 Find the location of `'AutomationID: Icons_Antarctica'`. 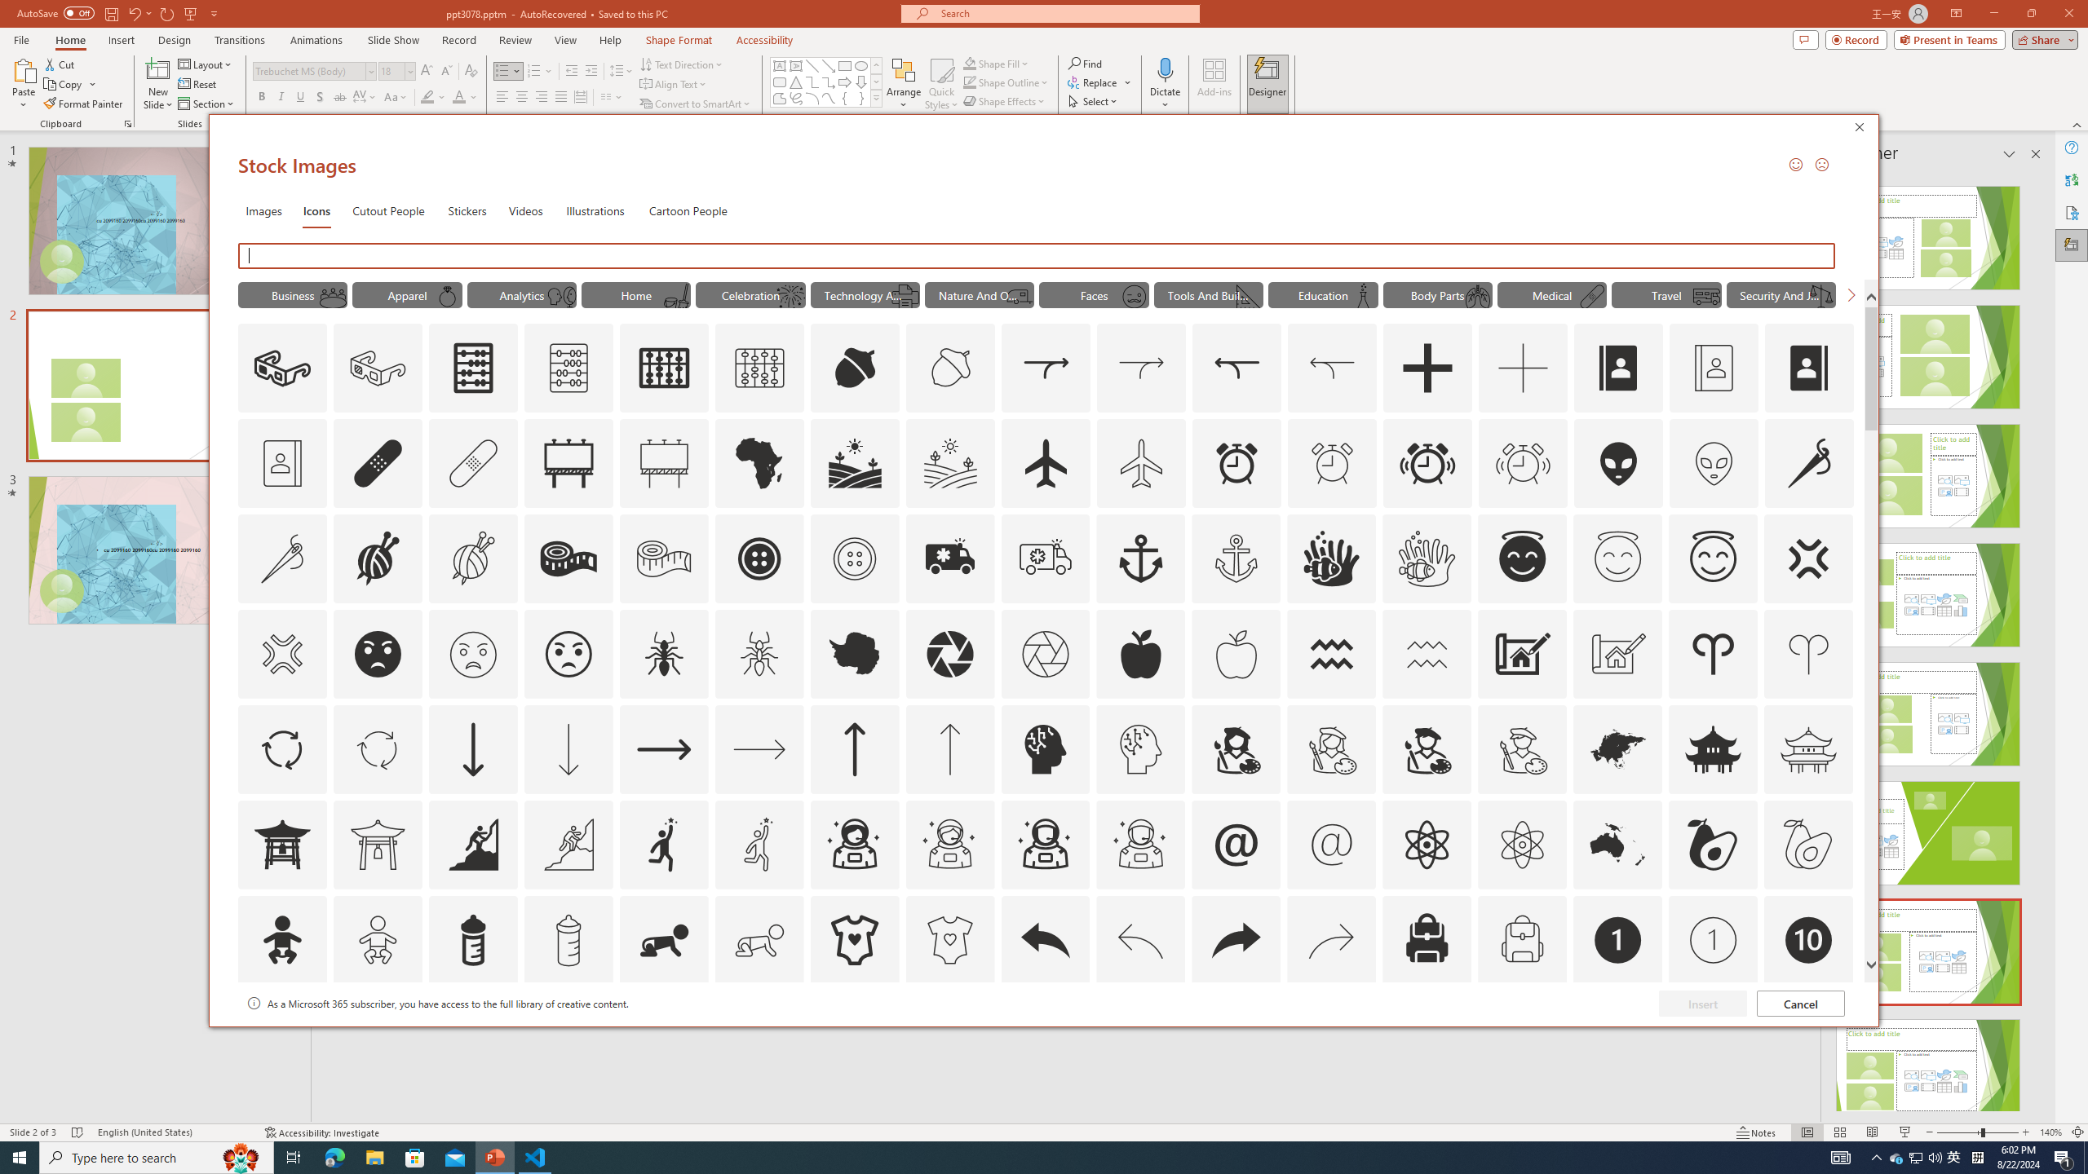

'AutomationID: Icons_Antarctica' is located at coordinates (854, 653).